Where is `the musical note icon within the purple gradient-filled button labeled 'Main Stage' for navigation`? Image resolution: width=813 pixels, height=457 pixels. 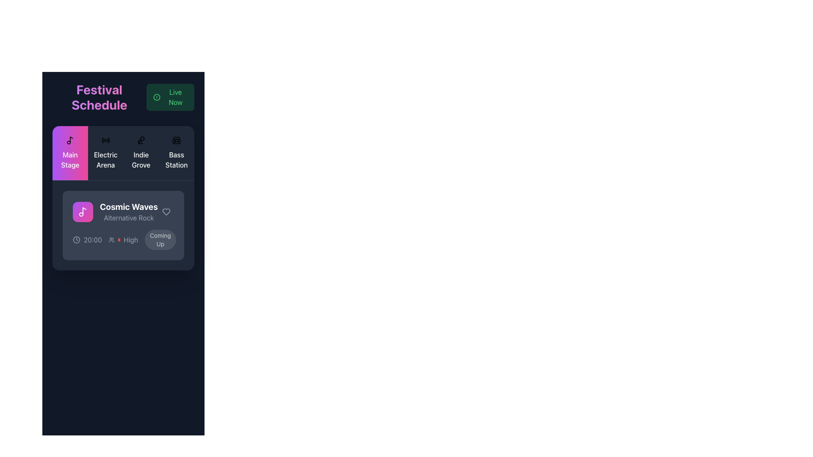
the musical note icon within the purple gradient-filled button labeled 'Main Stage' for navigation is located at coordinates (70, 140).